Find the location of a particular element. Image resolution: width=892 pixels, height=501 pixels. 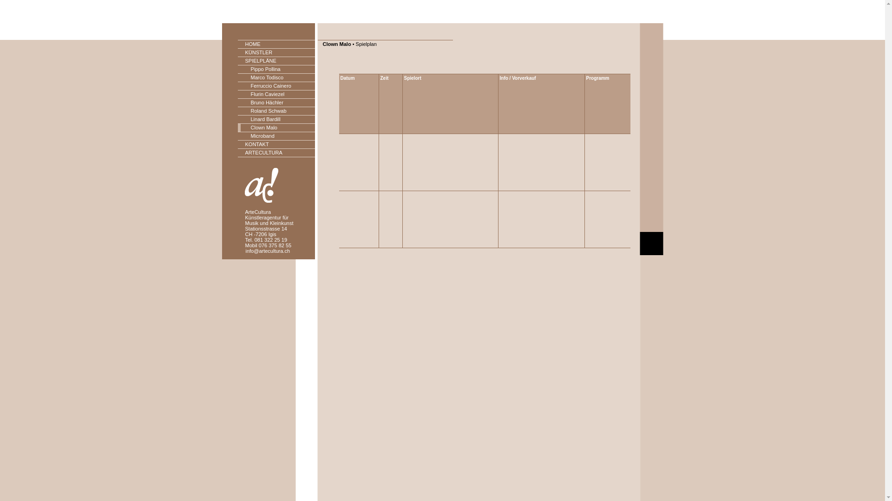

'Ferruccio Cainero' is located at coordinates (276, 86).